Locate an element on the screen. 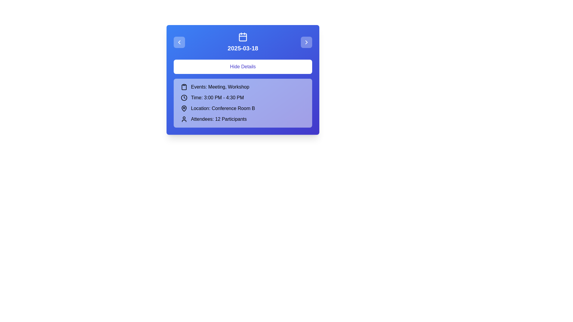  information displayed in the Label with icon that indicates the location of the event ('Conference Room B'), which is the third row in the list of event details is located at coordinates (243, 108).